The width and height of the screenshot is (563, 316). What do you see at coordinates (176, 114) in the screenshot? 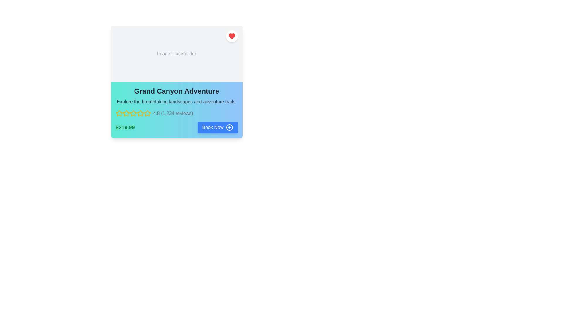
I see `rating and review data displayed in the rating section for the 'Grand Canyon Adventure' card, located at the lower center of the card, below the title and description` at bounding box center [176, 114].